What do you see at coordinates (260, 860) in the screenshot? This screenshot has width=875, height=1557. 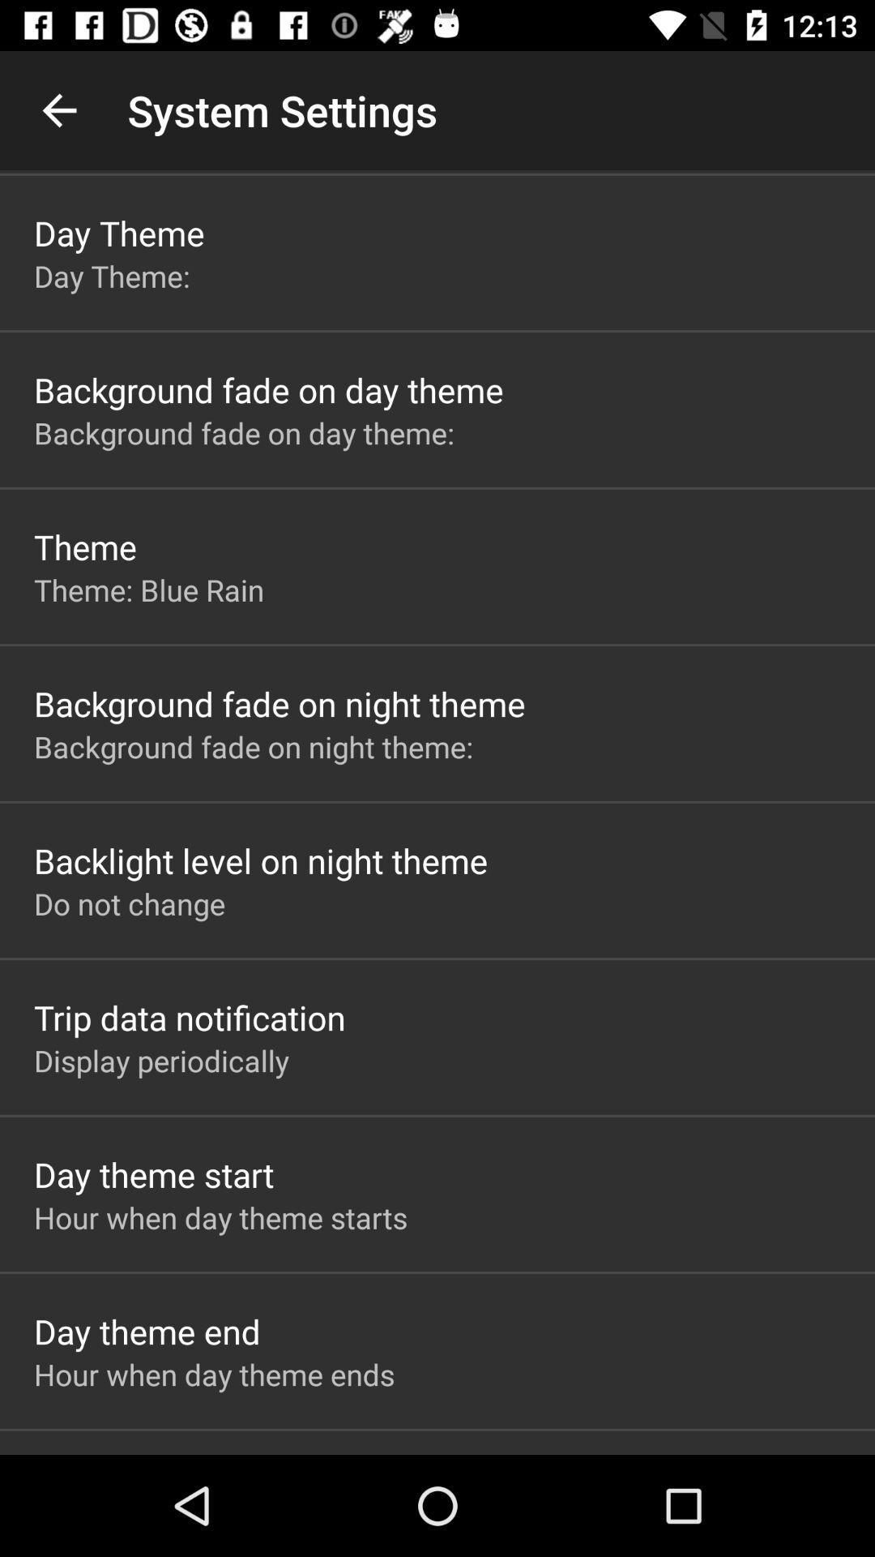 I see `the backlight level on icon` at bounding box center [260, 860].